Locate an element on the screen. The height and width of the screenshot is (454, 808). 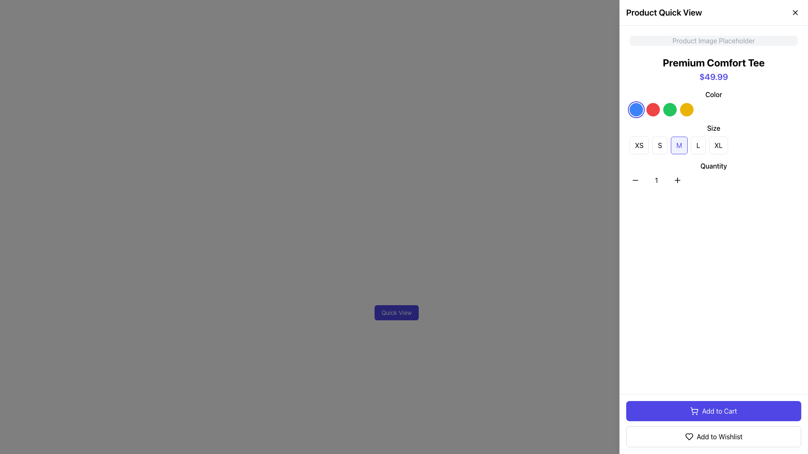
the 'XL' button in the 'Size' section of the product options modal is located at coordinates (713, 138).